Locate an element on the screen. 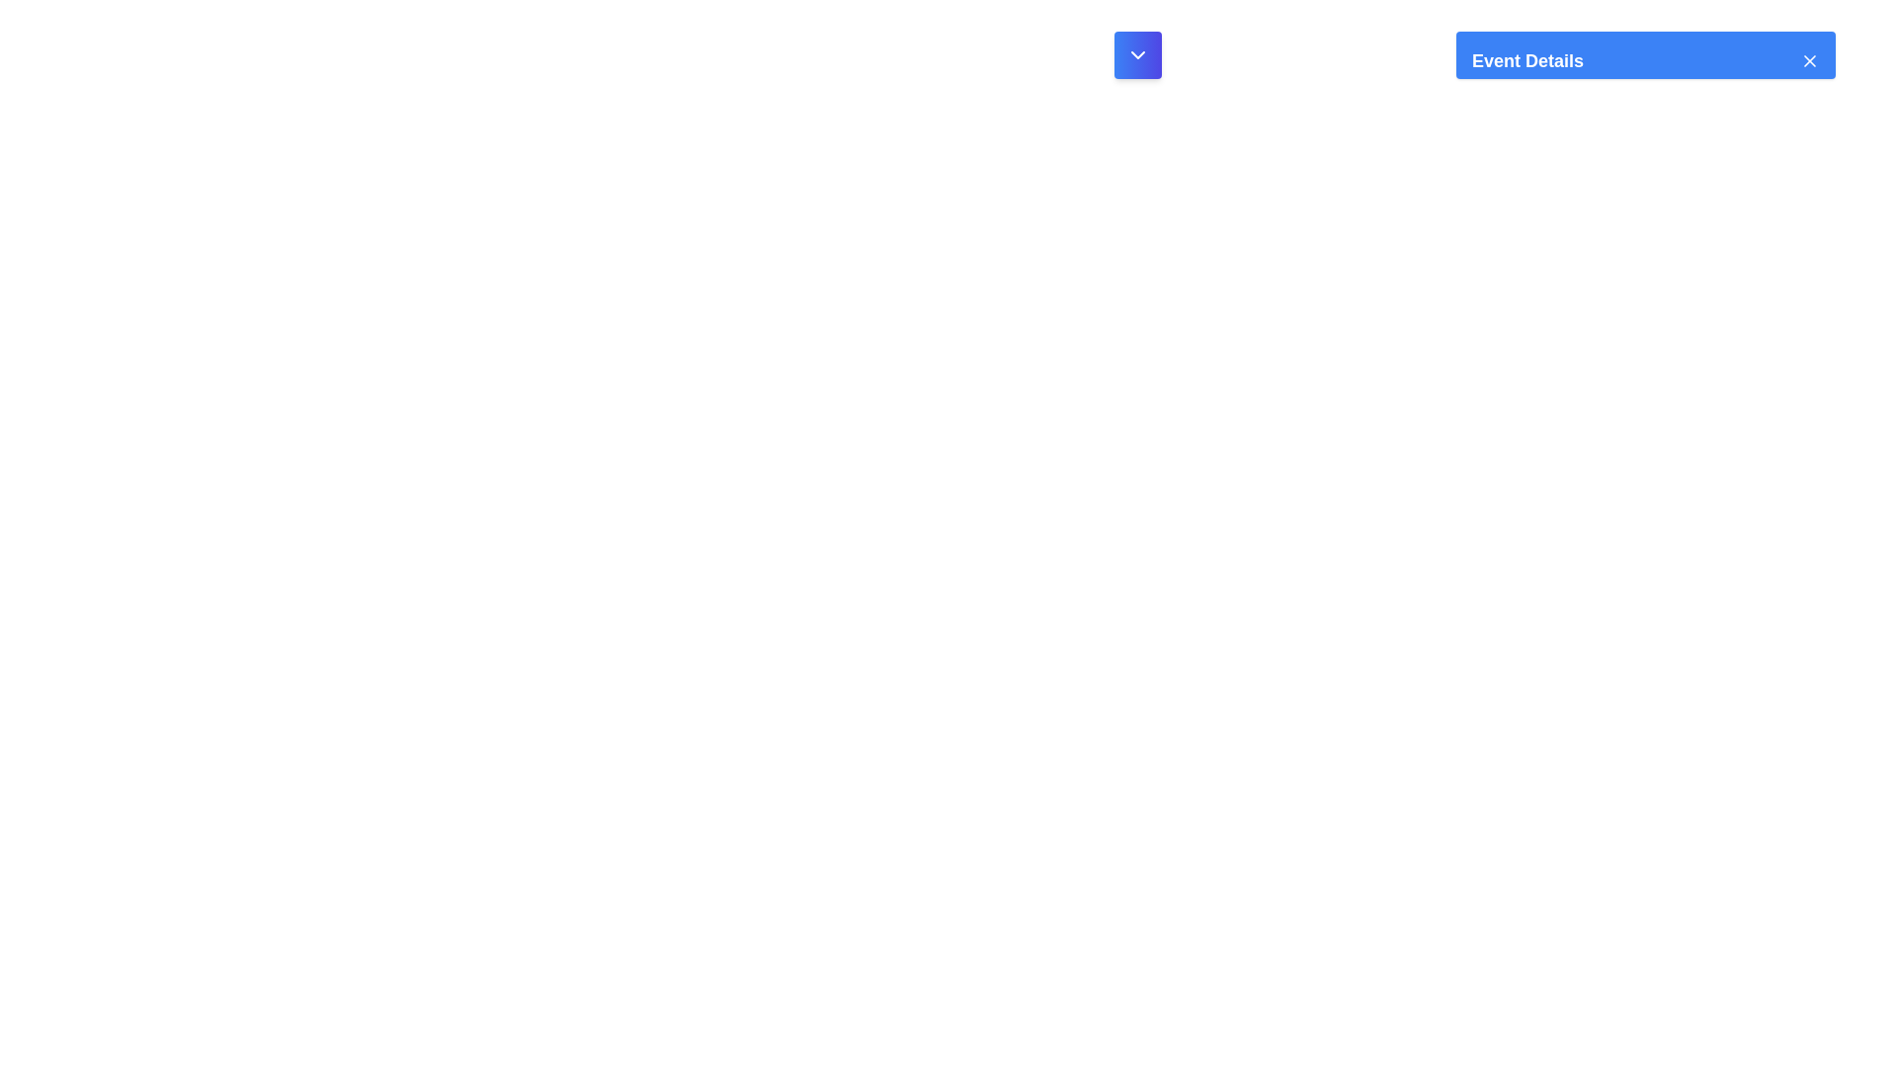 The width and height of the screenshot is (1897, 1067). the close button at the extreme right end of the 'Event Details' header is located at coordinates (1810, 59).